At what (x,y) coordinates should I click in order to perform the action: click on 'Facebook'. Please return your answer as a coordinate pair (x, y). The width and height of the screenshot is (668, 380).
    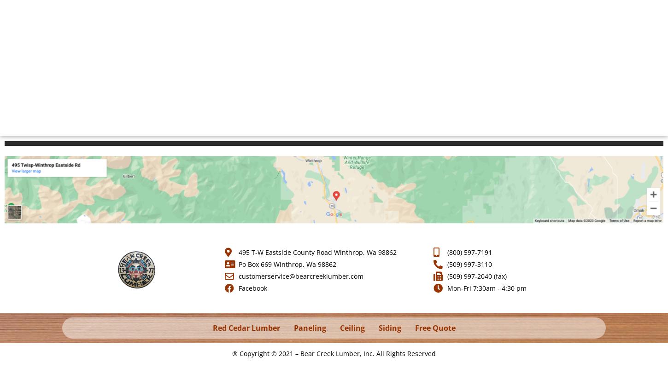
    Looking at the image, I should click on (252, 288).